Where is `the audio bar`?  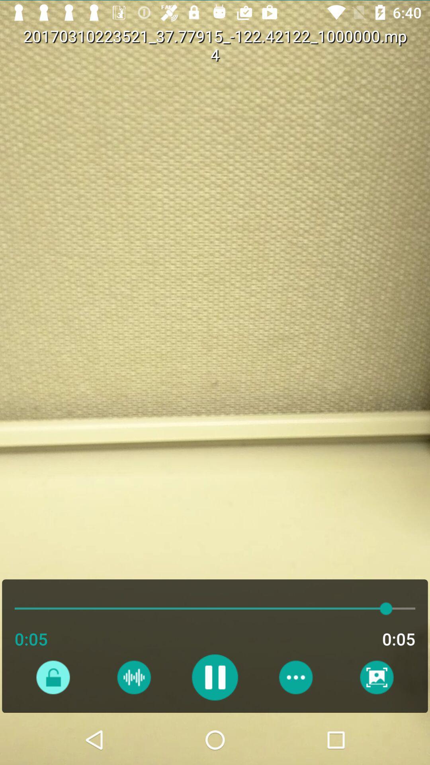
the audio bar is located at coordinates (70, 573).